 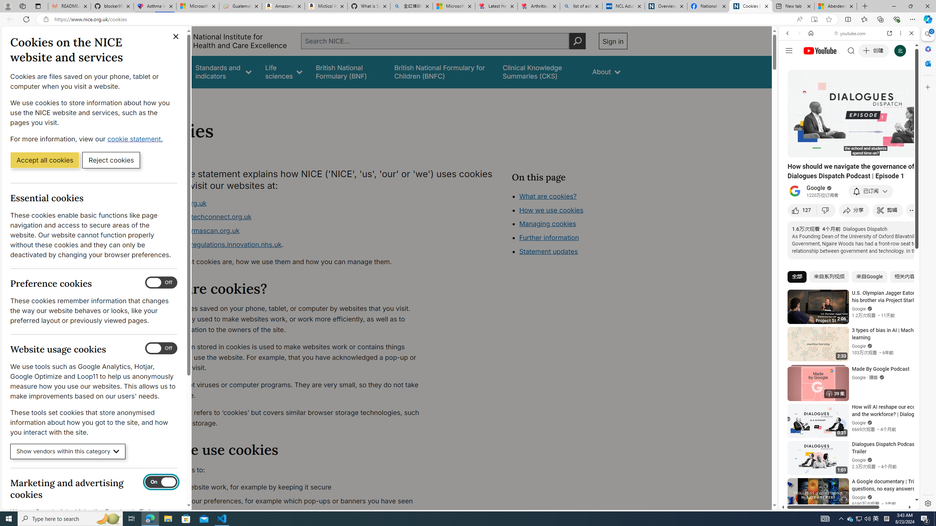 What do you see at coordinates (180, 203) in the screenshot?
I see `'www.nice.org.uk'` at bounding box center [180, 203].